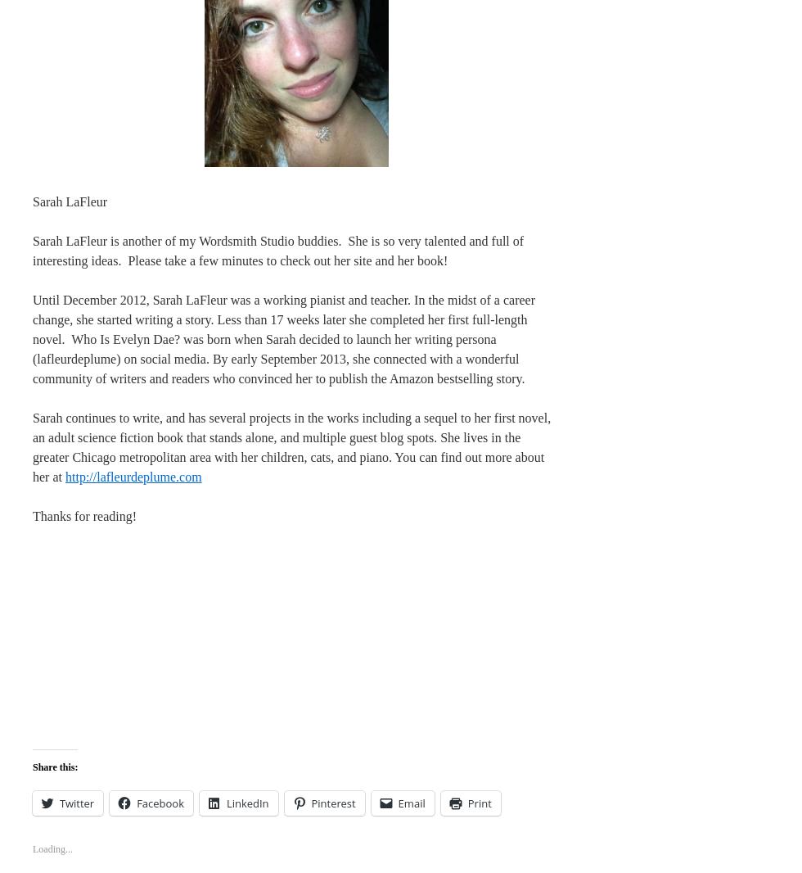 The width and height of the screenshot is (802, 873). I want to click on 'Sarah LaFleur', so click(70, 200).